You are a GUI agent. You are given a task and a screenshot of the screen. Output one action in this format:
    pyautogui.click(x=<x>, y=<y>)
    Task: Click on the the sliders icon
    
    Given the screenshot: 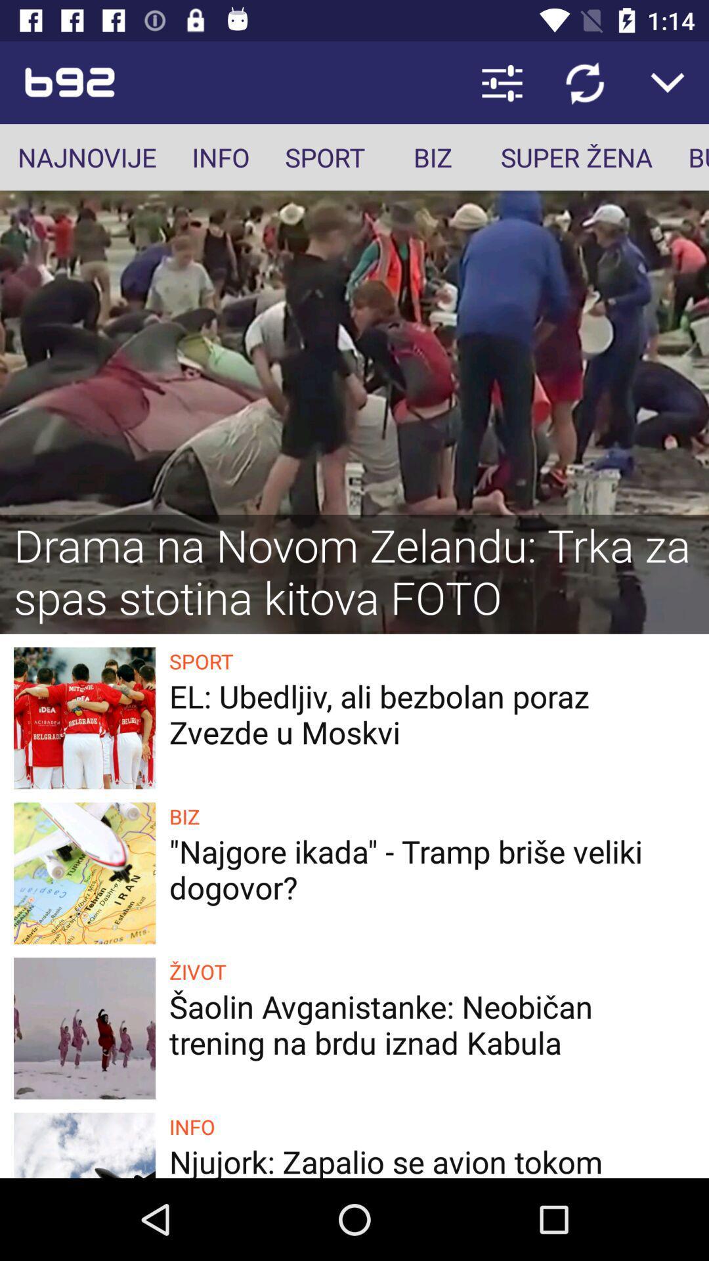 What is the action you would take?
    pyautogui.click(x=502, y=81)
    